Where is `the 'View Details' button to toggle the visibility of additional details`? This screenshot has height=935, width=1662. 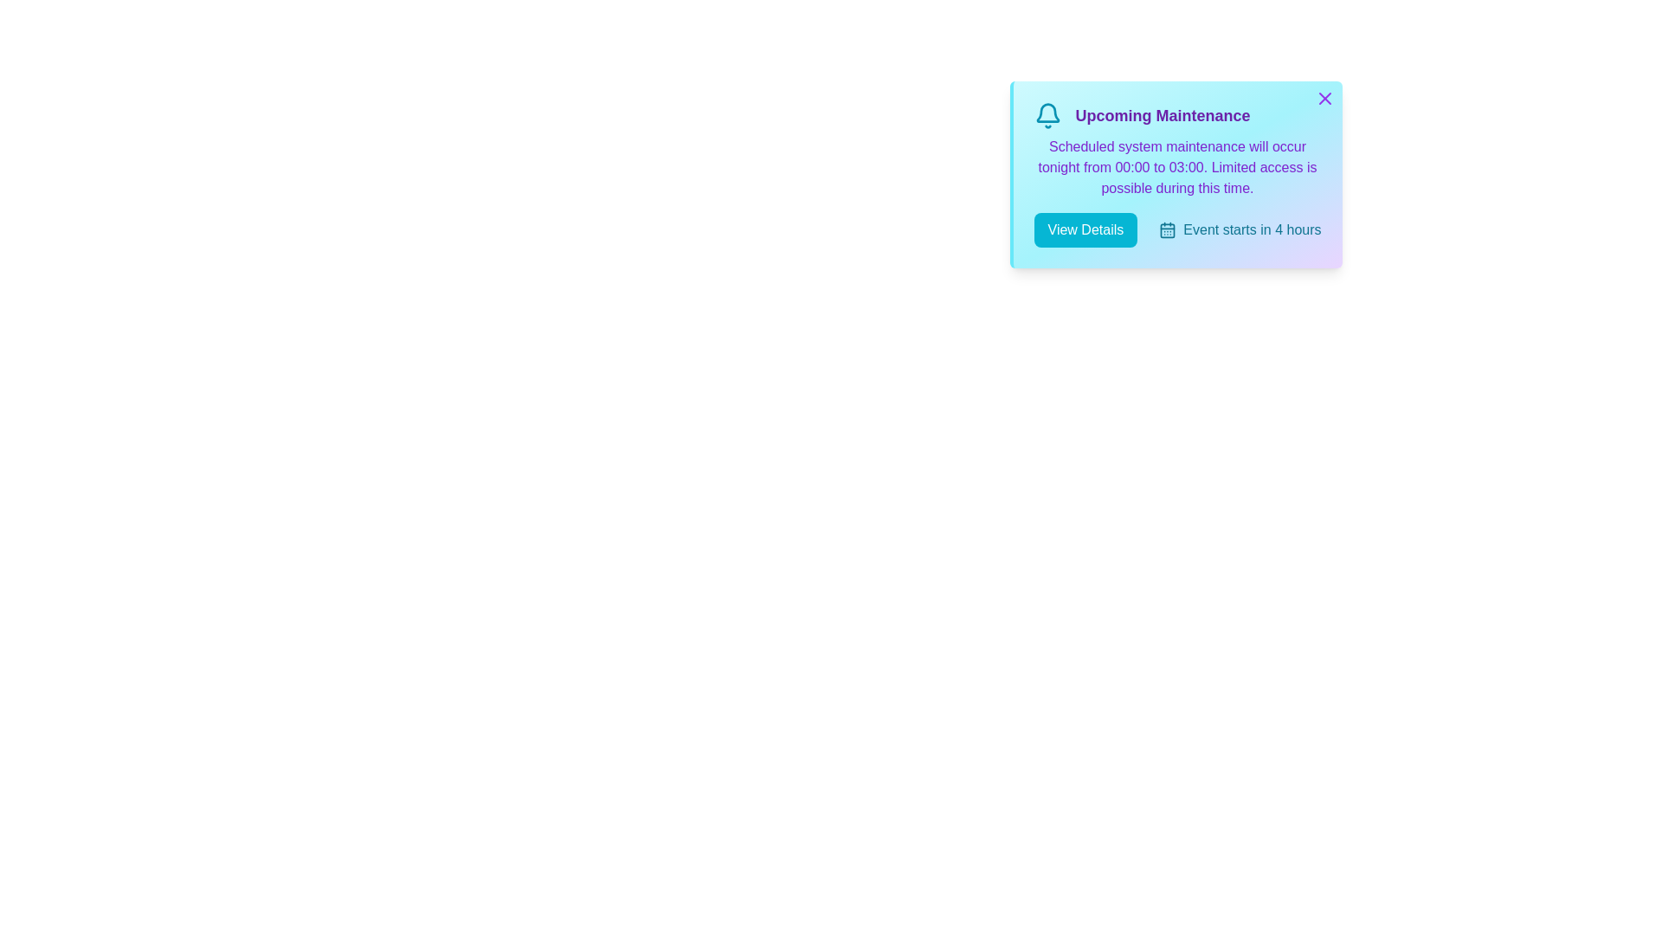
the 'View Details' button to toggle the visibility of additional details is located at coordinates (1084, 229).